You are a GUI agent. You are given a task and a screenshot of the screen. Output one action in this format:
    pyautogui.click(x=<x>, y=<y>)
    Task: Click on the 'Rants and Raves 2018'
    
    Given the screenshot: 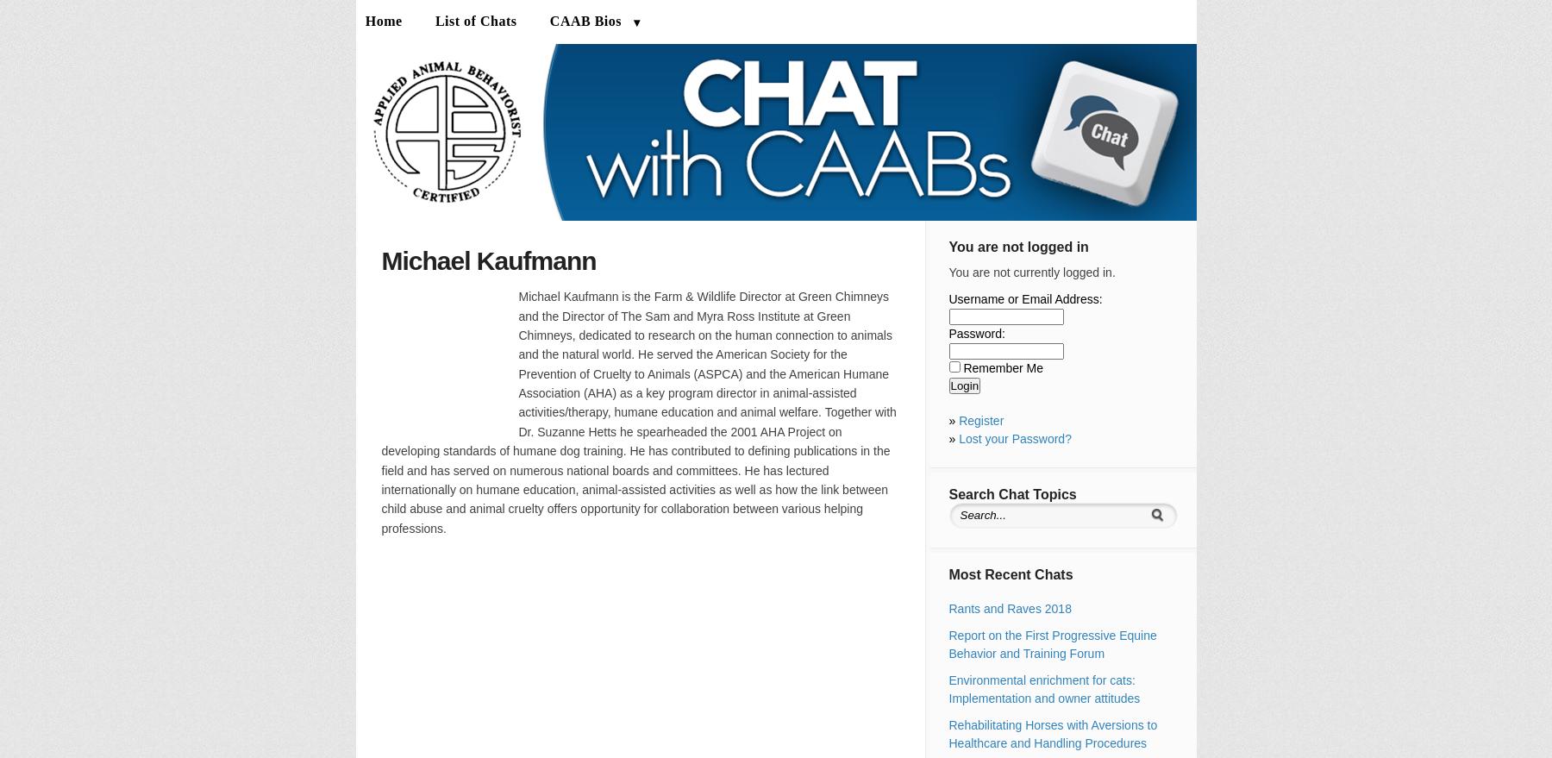 What is the action you would take?
    pyautogui.click(x=948, y=609)
    